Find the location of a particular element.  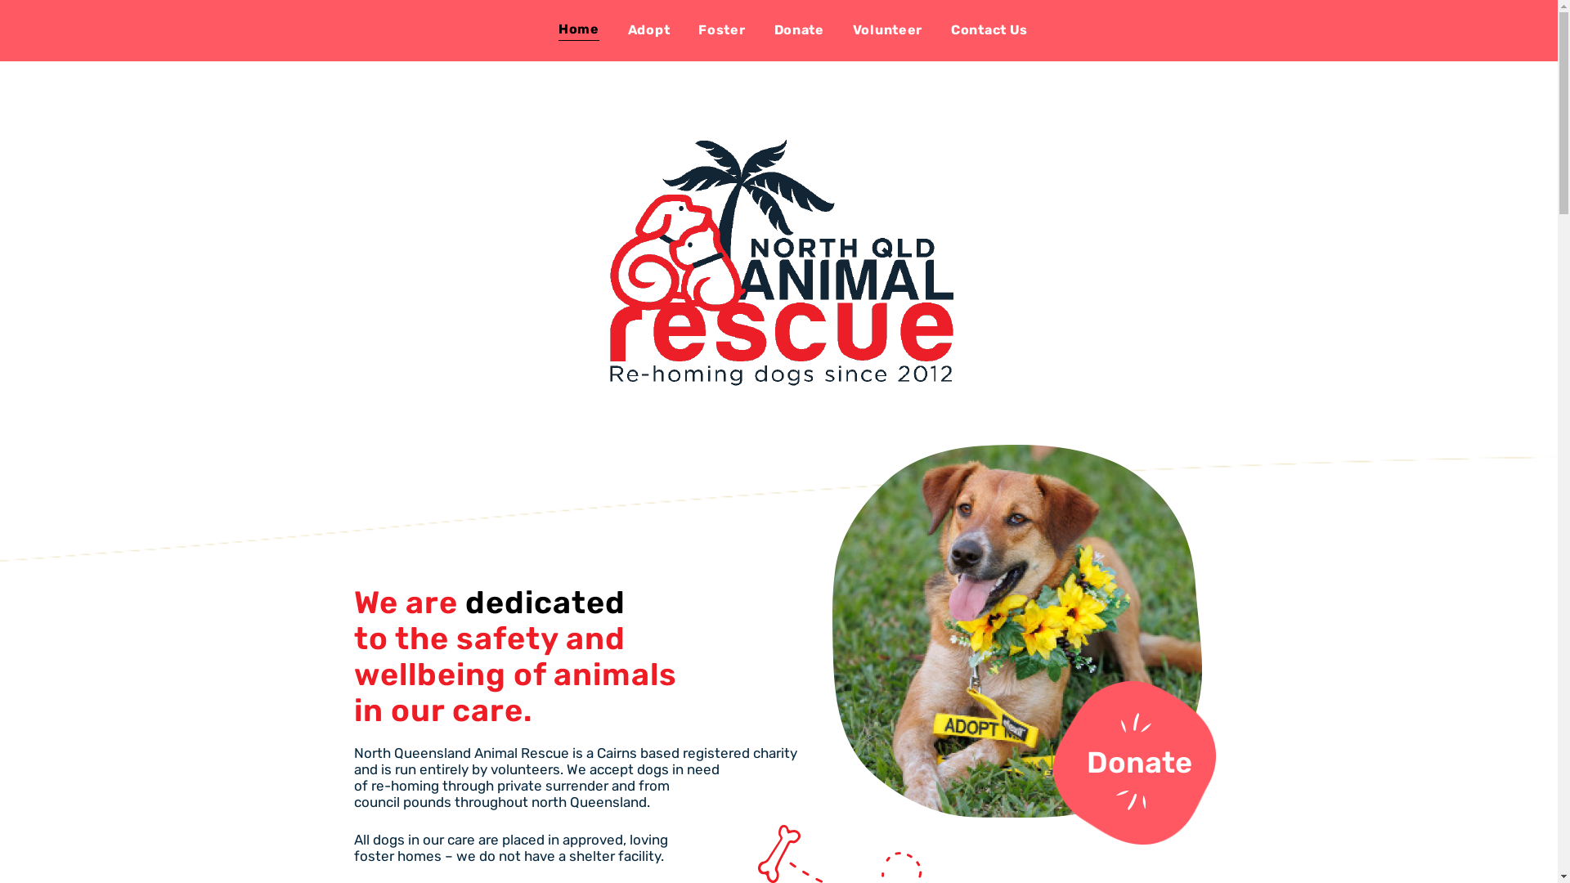

'Volunteer' is located at coordinates (886, 29).